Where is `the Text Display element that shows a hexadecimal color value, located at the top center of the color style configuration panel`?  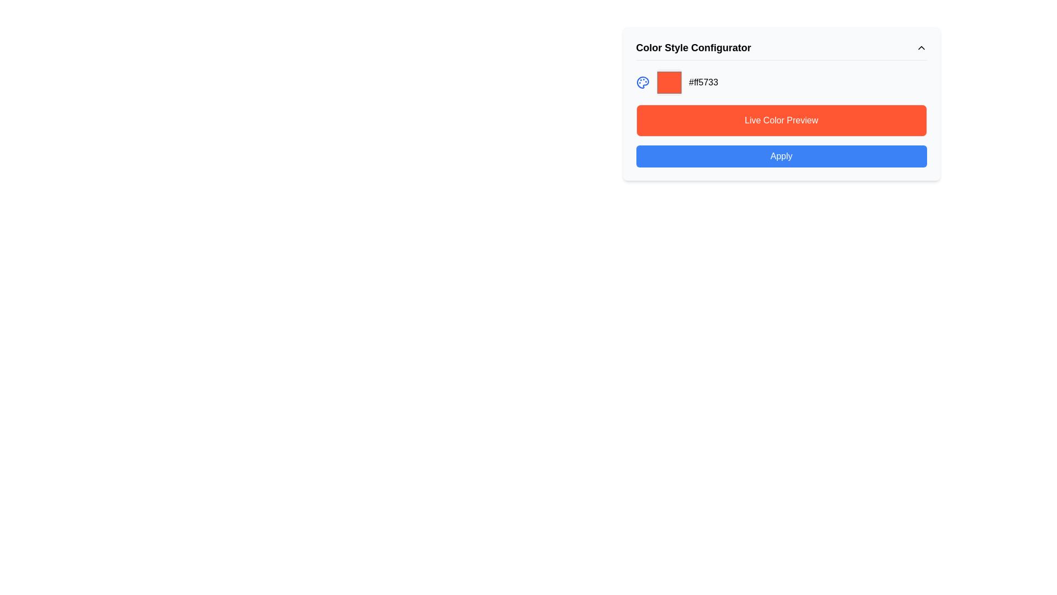 the Text Display element that shows a hexadecimal color value, located at the top center of the color style configuration panel is located at coordinates (702, 82).